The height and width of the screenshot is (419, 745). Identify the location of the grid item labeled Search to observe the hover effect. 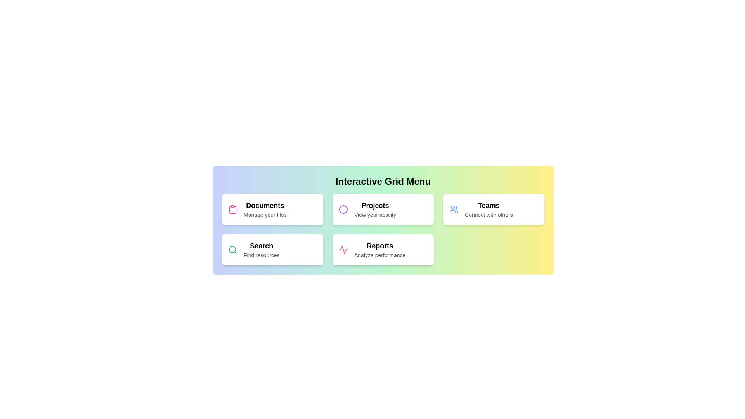
(272, 250).